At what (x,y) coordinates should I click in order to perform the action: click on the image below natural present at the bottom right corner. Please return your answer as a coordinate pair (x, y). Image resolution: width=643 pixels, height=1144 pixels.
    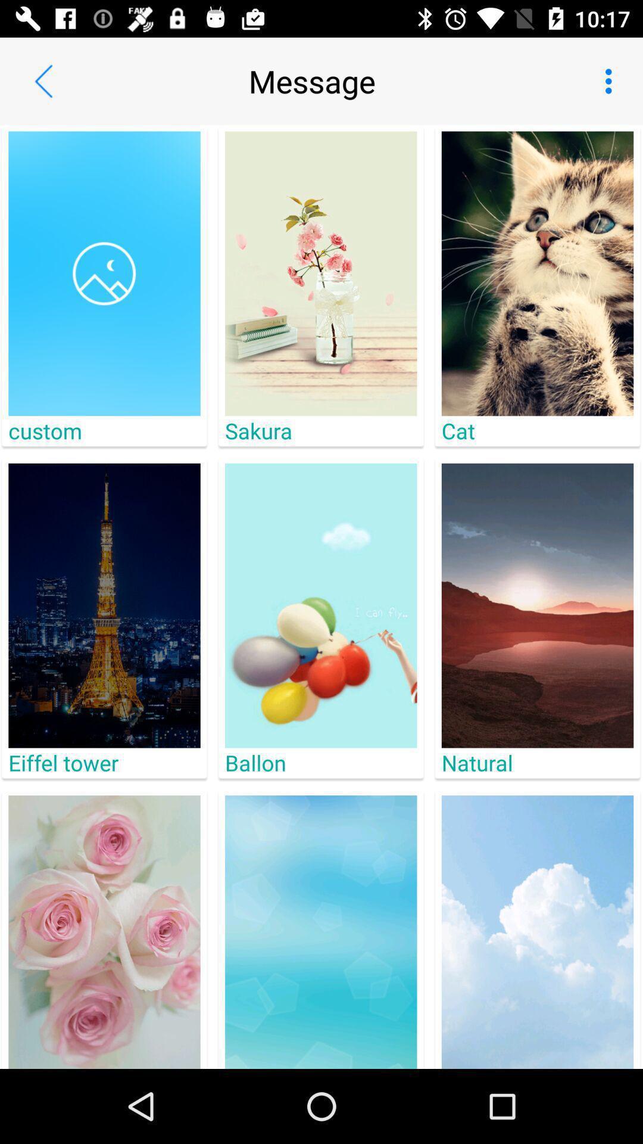
    Looking at the image, I should click on (537, 931).